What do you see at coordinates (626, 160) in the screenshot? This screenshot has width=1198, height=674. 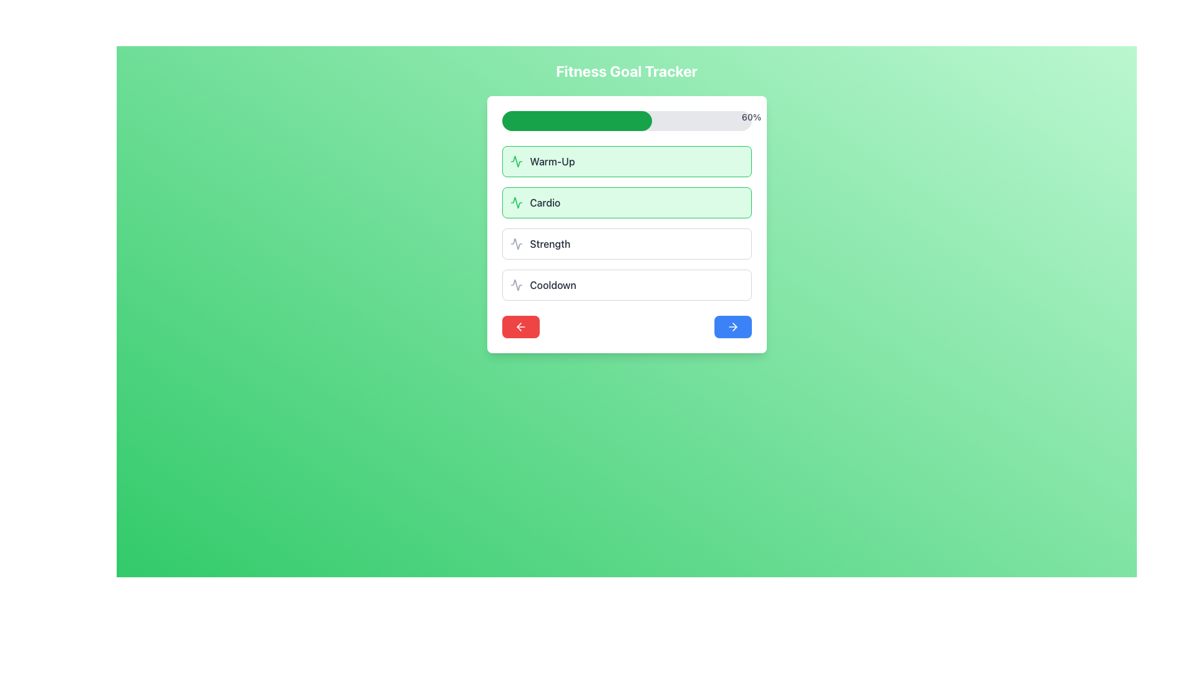 I see `the first selectable list item labeled 'Warm-Up'` at bounding box center [626, 160].